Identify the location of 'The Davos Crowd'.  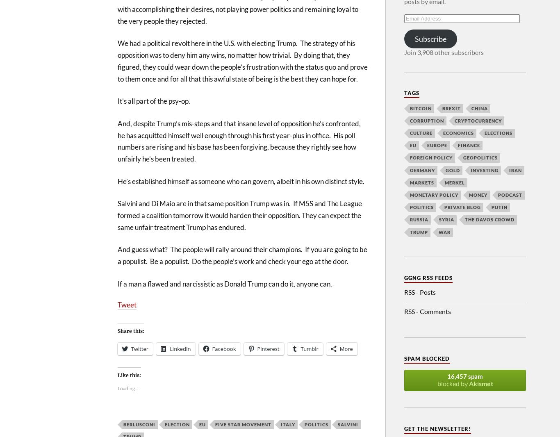
(489, 219).